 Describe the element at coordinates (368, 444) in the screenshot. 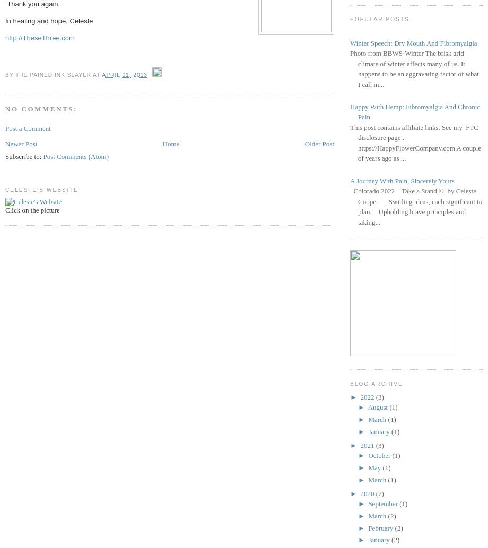

I see `'2021'` at that location.